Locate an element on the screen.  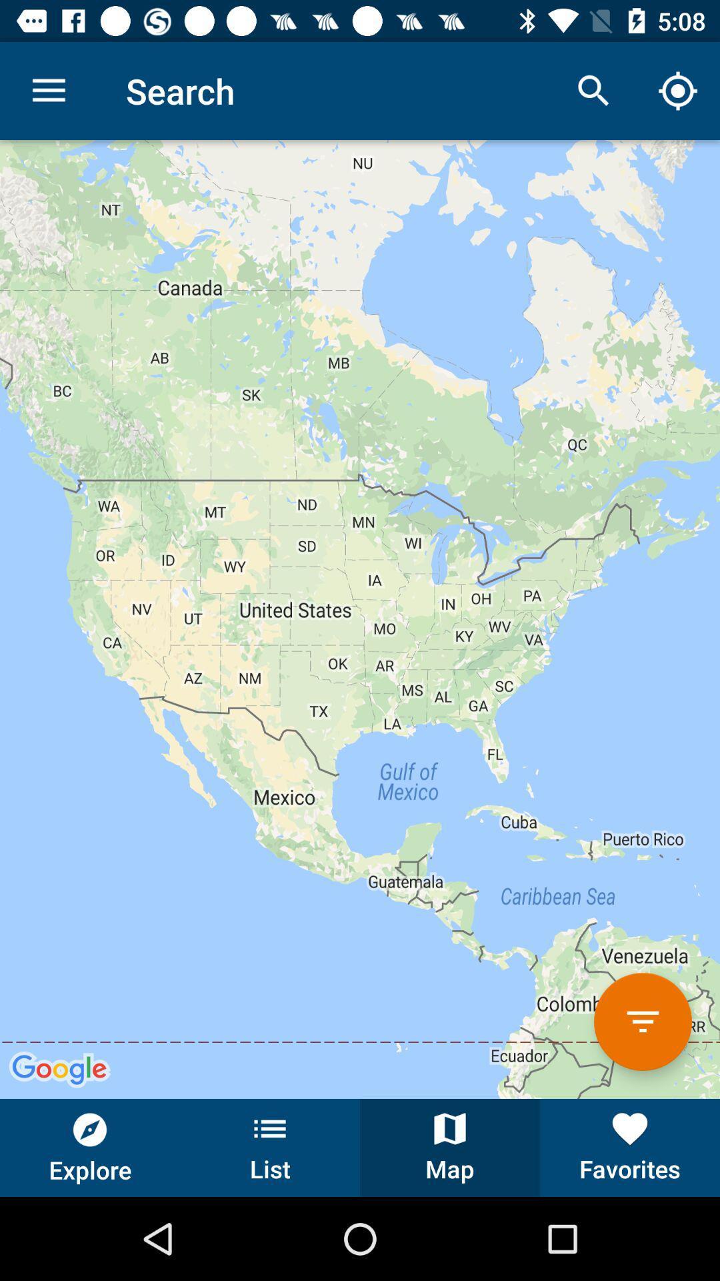
the filter_list icon is located at coordinates (642, 1021).